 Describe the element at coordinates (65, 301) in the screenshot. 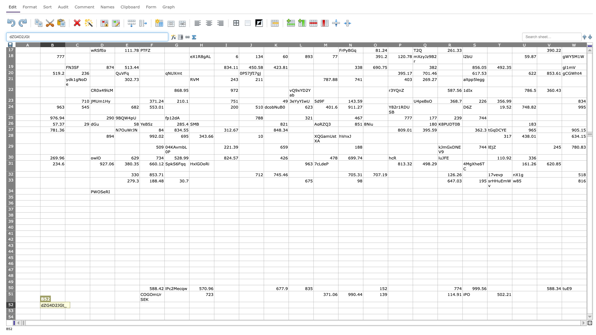

I see `top left corner of C52` at that location.